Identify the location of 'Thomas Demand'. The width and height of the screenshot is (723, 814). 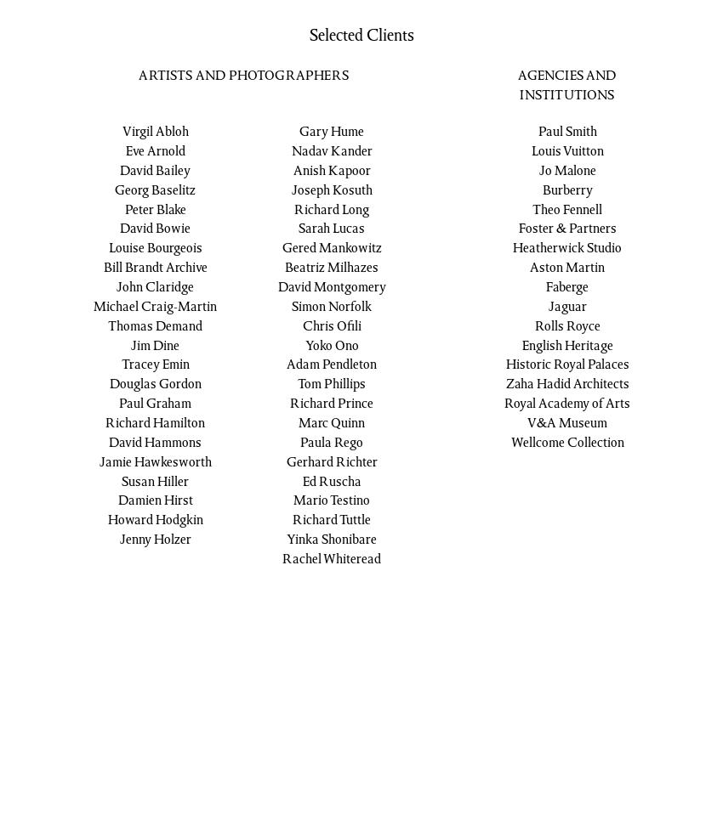
(154, 325).